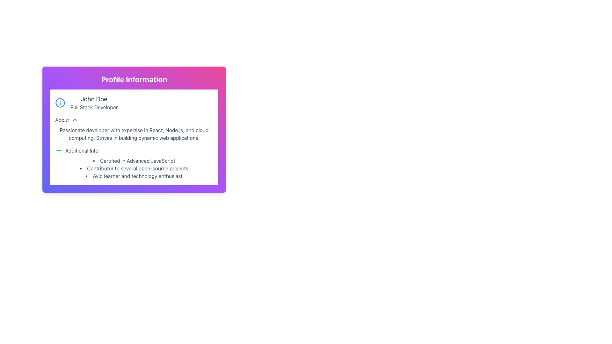 The height and width of the screenshot is (344, 612). I want to click on information provided in the text block titled 'Additional Info', which includes bullet points about credentials and interests, so click(134, 163).